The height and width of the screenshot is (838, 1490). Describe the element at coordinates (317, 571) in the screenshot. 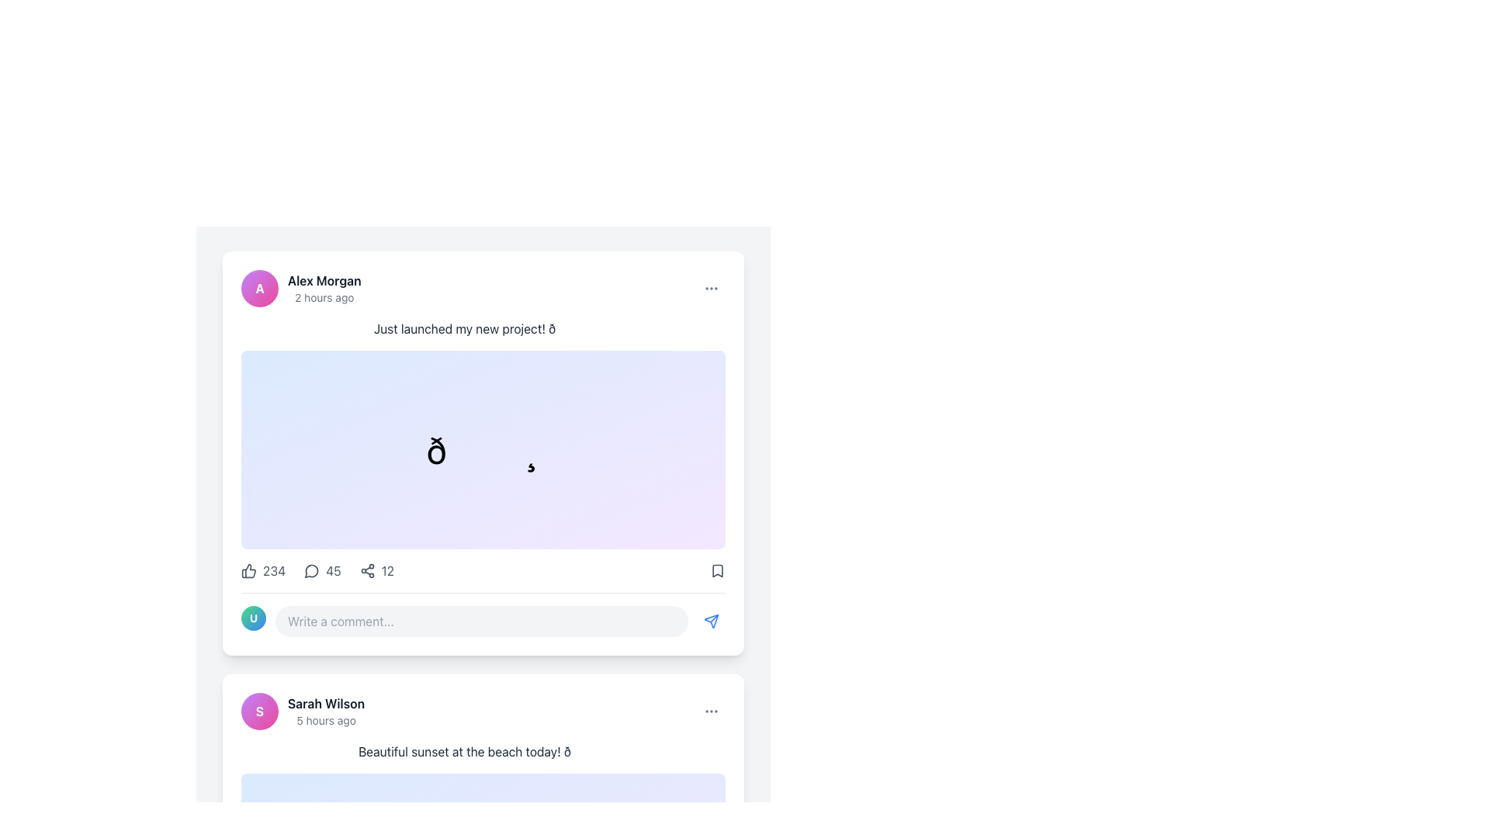

I see `the numeric label displaying the value '45', which is styled with gray text color and located next to a speech bubble icon, as it is the second item from the left in the middle section of interaction options beneath a post` at that location.